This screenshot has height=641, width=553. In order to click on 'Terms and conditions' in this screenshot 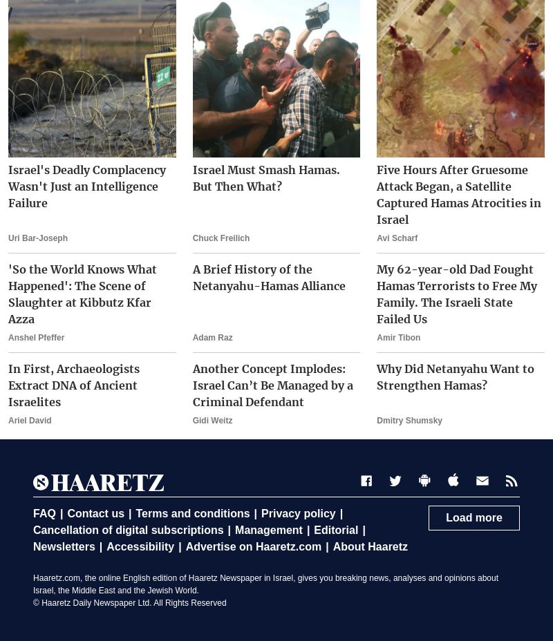, I will do `click(192, 513)`.